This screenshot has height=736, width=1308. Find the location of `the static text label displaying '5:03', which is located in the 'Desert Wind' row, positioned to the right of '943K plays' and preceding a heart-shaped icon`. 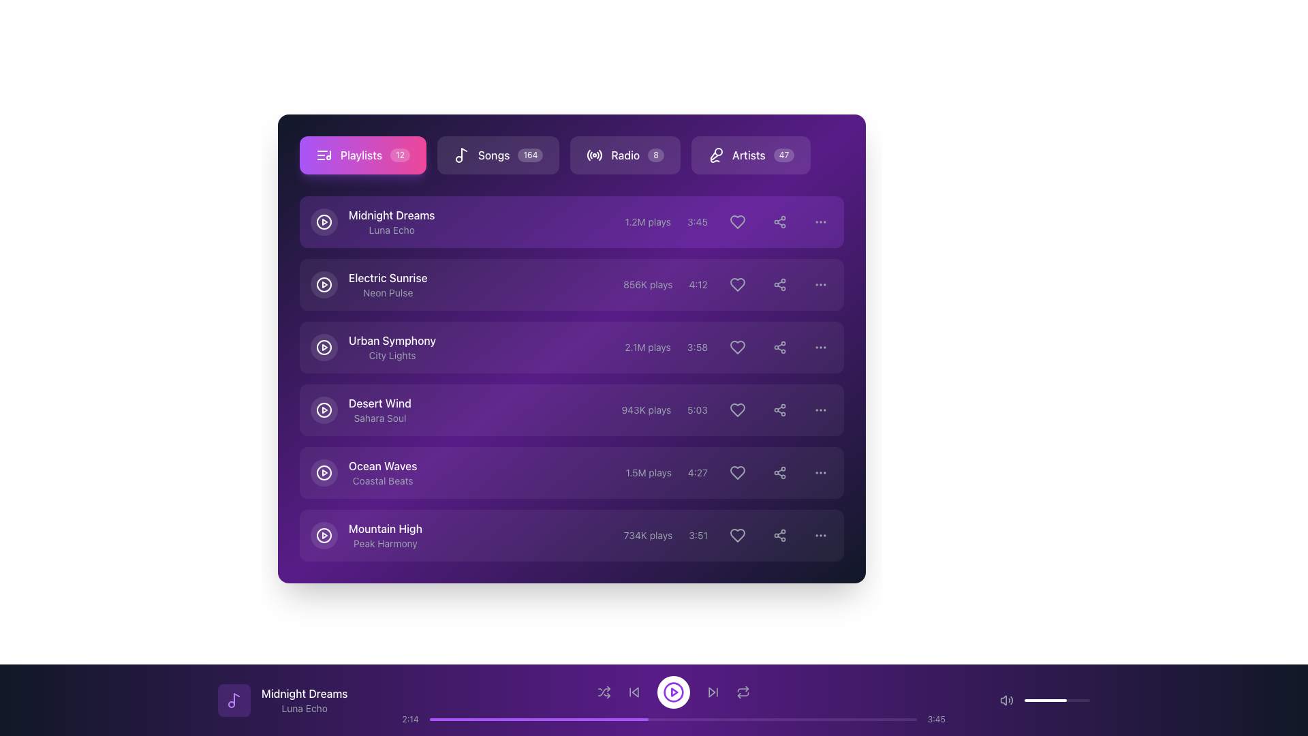

the static text label displaying '5:03', which is located in the 'Desert Wind' row, positioned to the right of '943K plays' and preceding a heart-shaped icon is located at coordinates (698, 409).